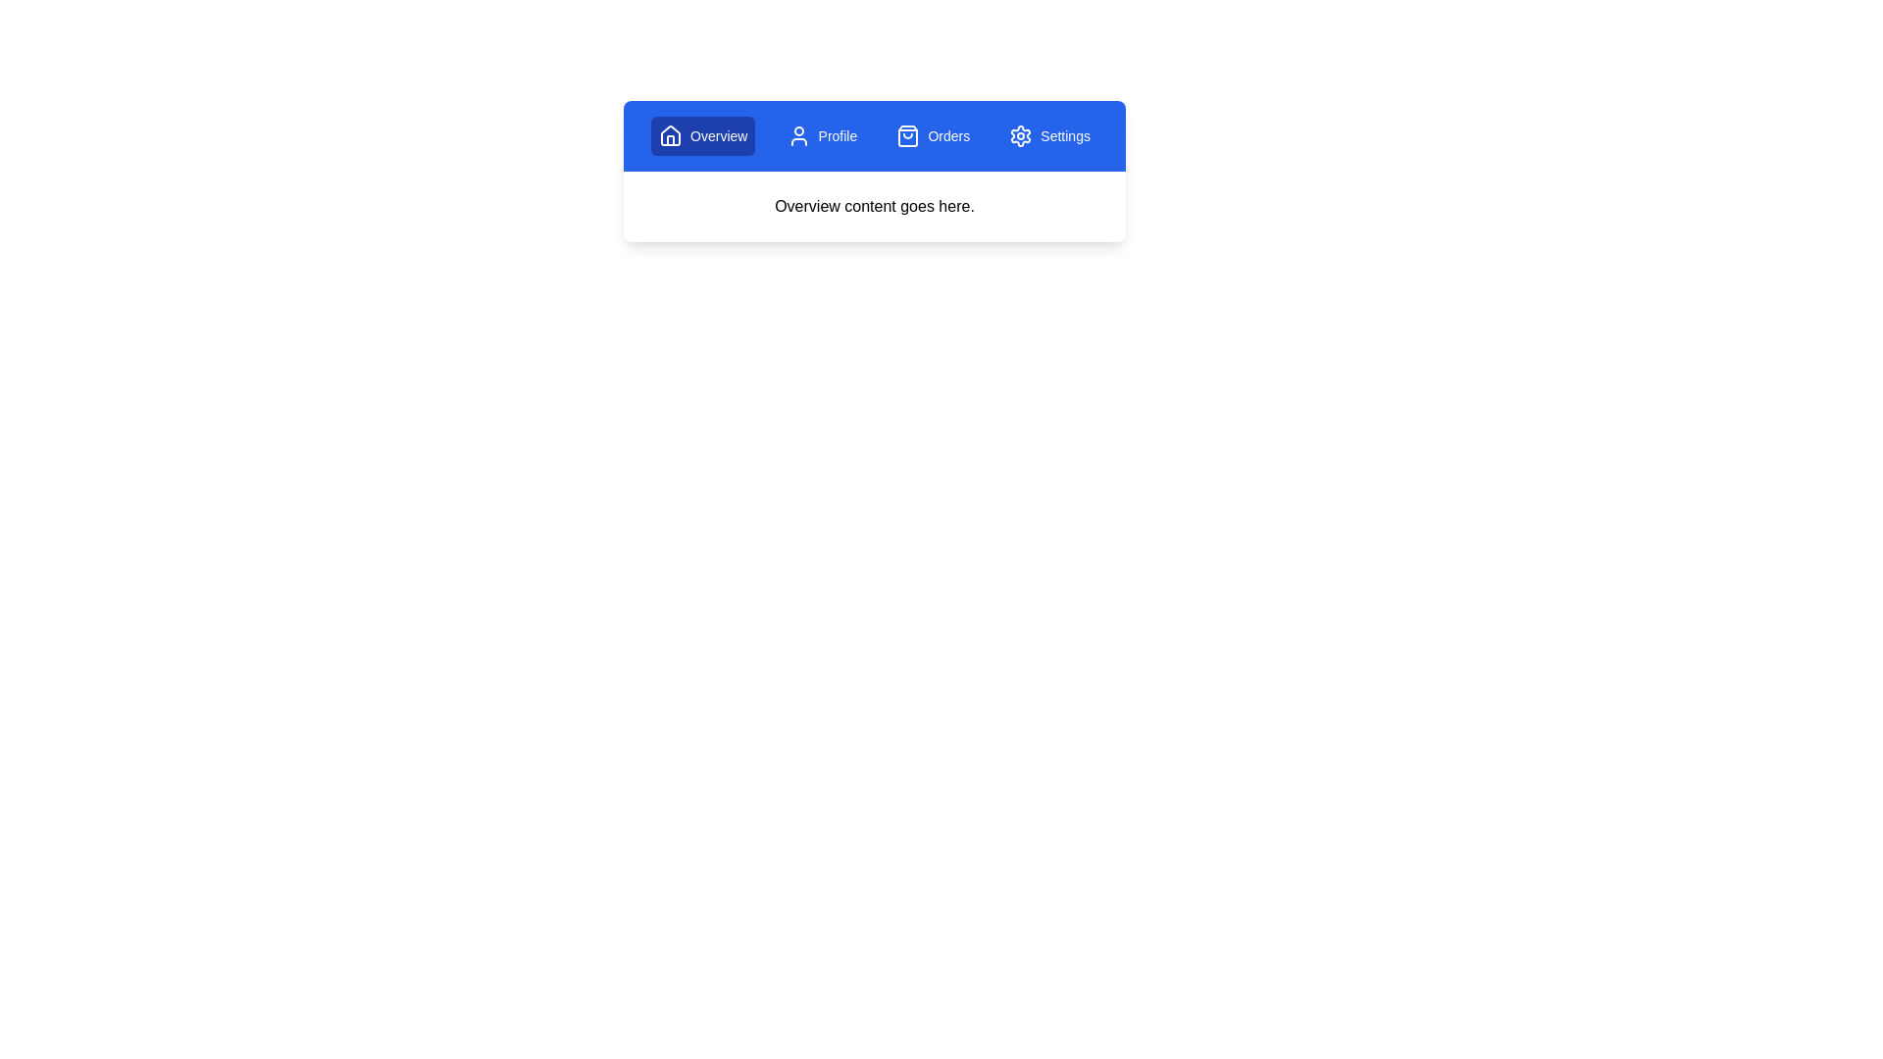 The height and width of the screenshot is (1059, 1883). Describe the element at coordinates (948, 134) in the screenshot. I see `the 'Orders' text label in the navigation bar, which indicates the purpose of the associated button for navigating to orders-related sections` at that location.